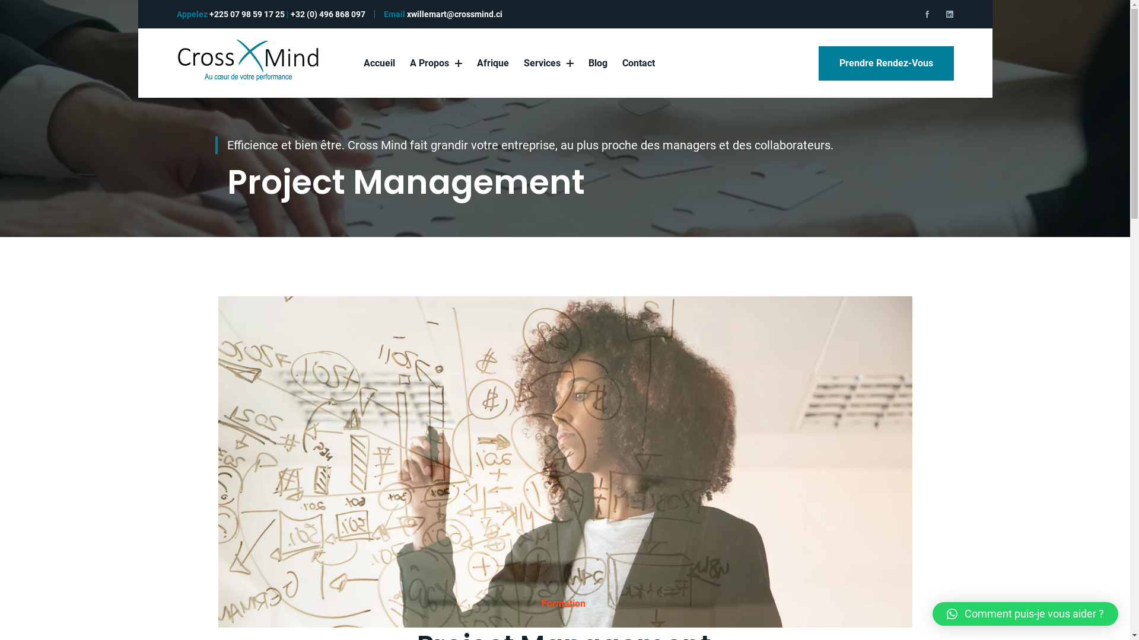  What do you see at coordinates (492, 63) in the screenshot?
I see `'Afrique'` at bounding box center [492, 63].